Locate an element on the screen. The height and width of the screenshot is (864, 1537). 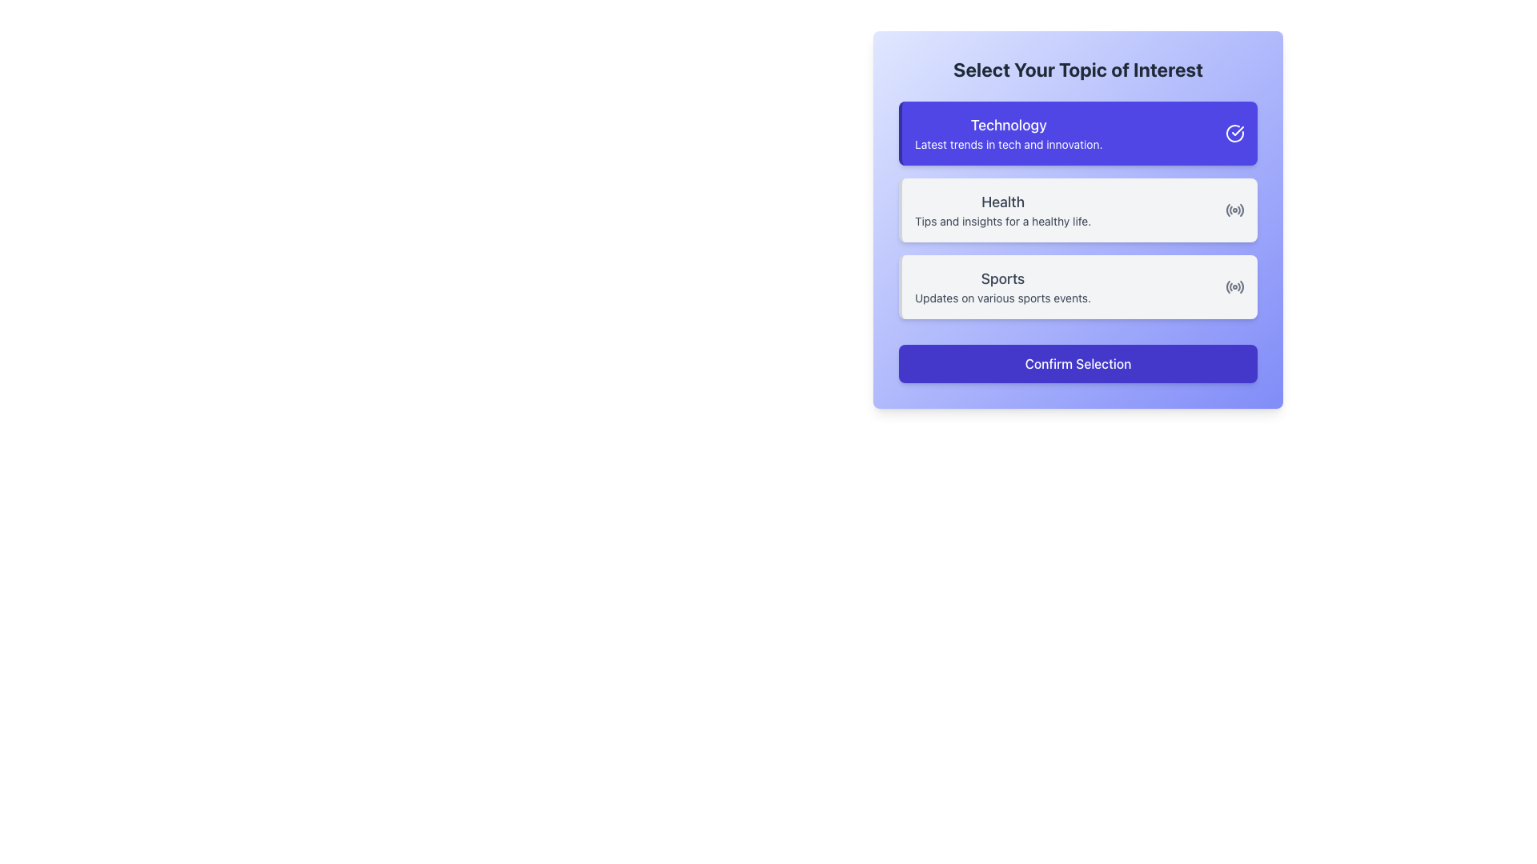
the status indicator icon at the far right of the 'Technology' selection box to indicate its active state is located at coordinates (1234, 132).